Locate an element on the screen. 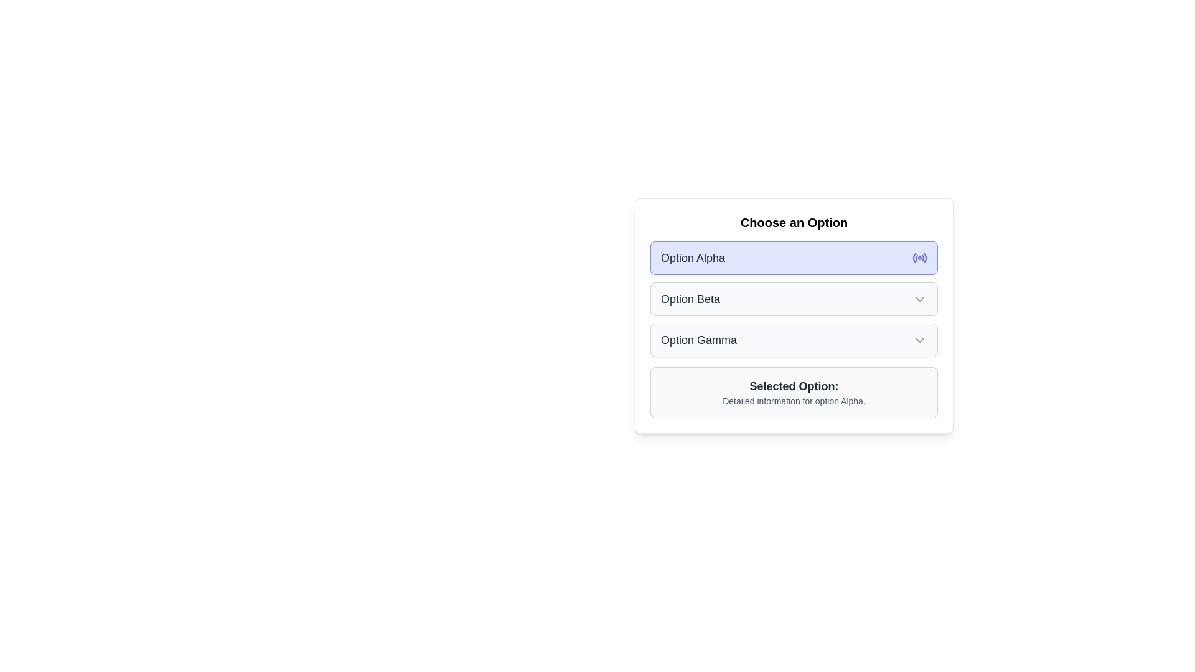 The width and height of the screenshot is (1195, 672). the bold text label containing the phrase 'Selected Option:' with a dark font color, positioned above the descriptive text 'Detailed information for option Alpha.' is located at coordinates (794, 386).